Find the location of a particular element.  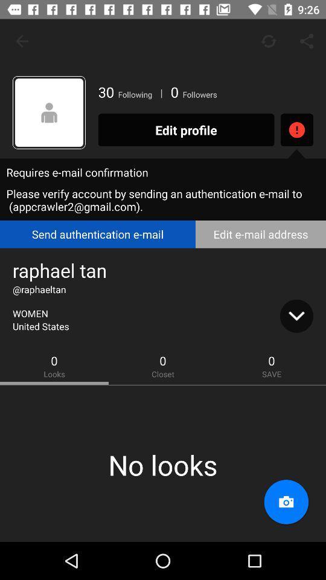

item above requires e mail icon is located at coordinates (48, 112).